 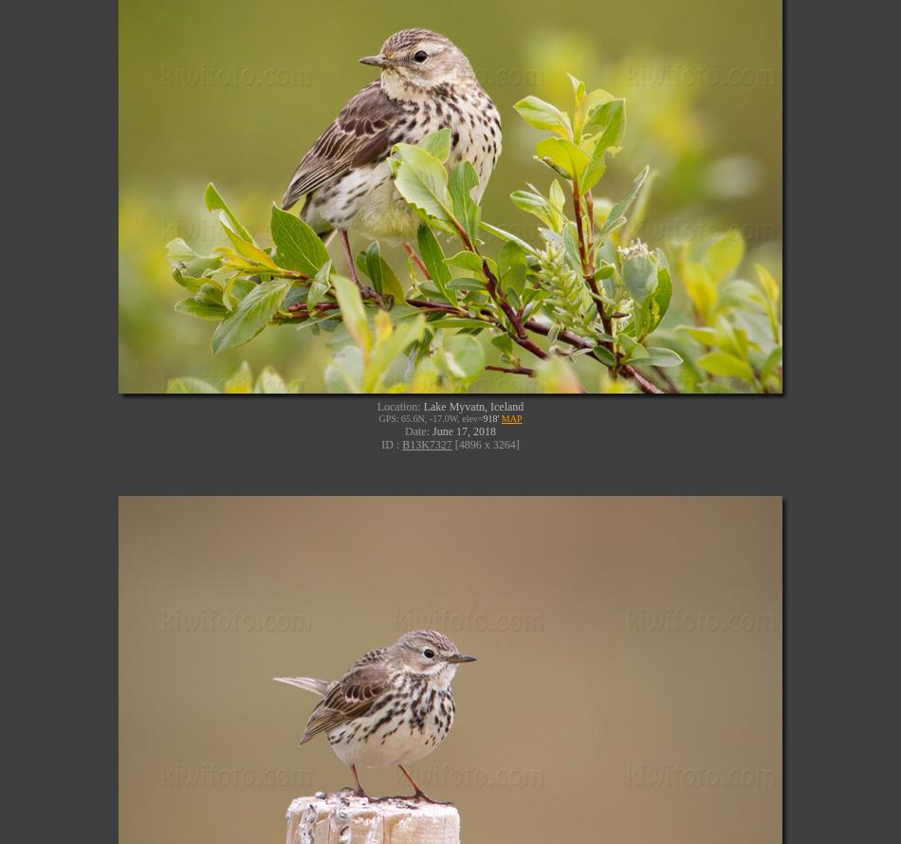 What do you see at coordinates (473, 405) in the screenshot?
I see `'Lake Myvatn, Iceland'` at bounding box center [473, 405].